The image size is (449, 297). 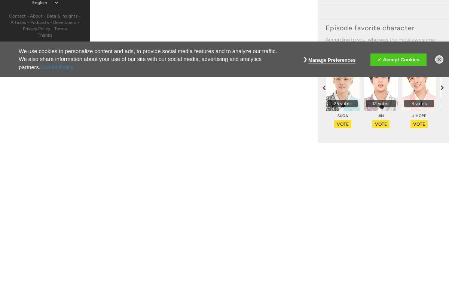 I want to click on 'Manage Preferences', so click(x=332, y=59).